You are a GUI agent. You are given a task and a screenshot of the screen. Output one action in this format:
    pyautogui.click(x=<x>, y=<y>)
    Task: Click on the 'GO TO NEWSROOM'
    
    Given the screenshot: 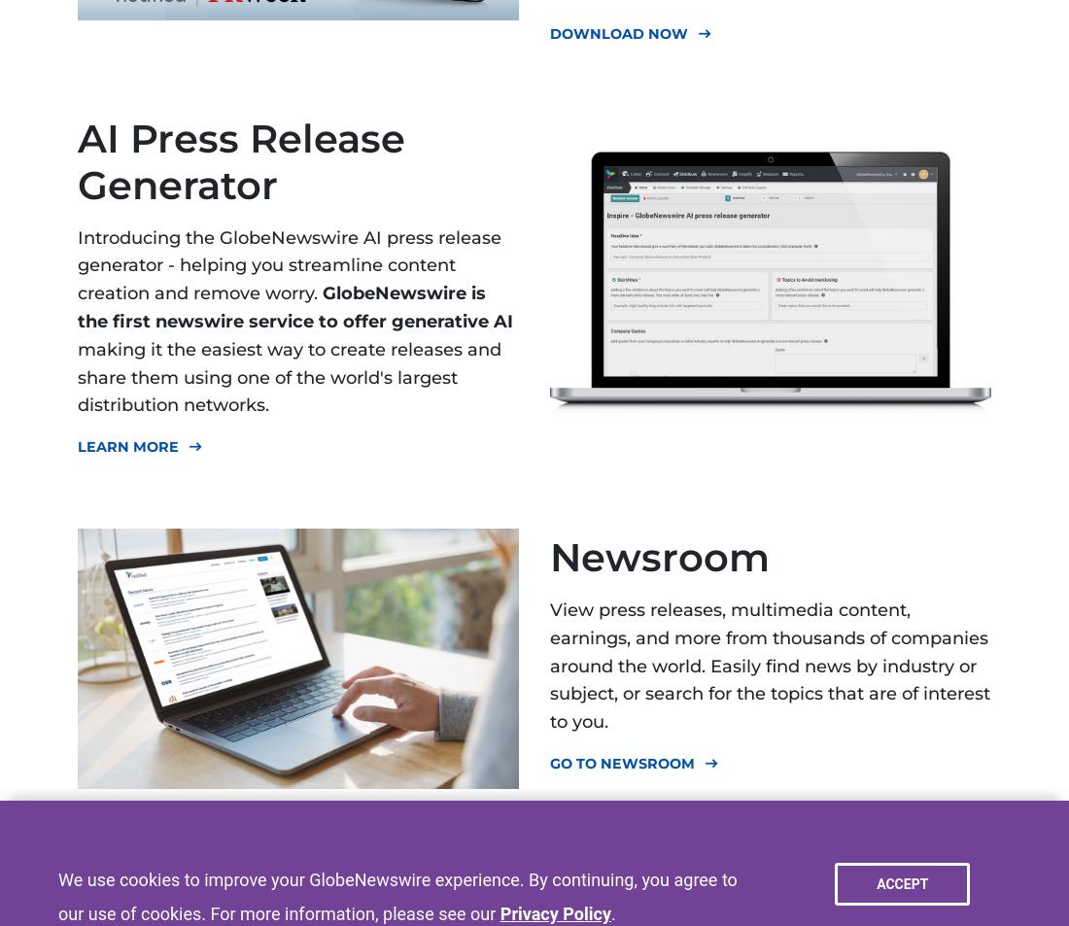 What is the action you would take?
    pyautogui.click(x=622, y=762)
    